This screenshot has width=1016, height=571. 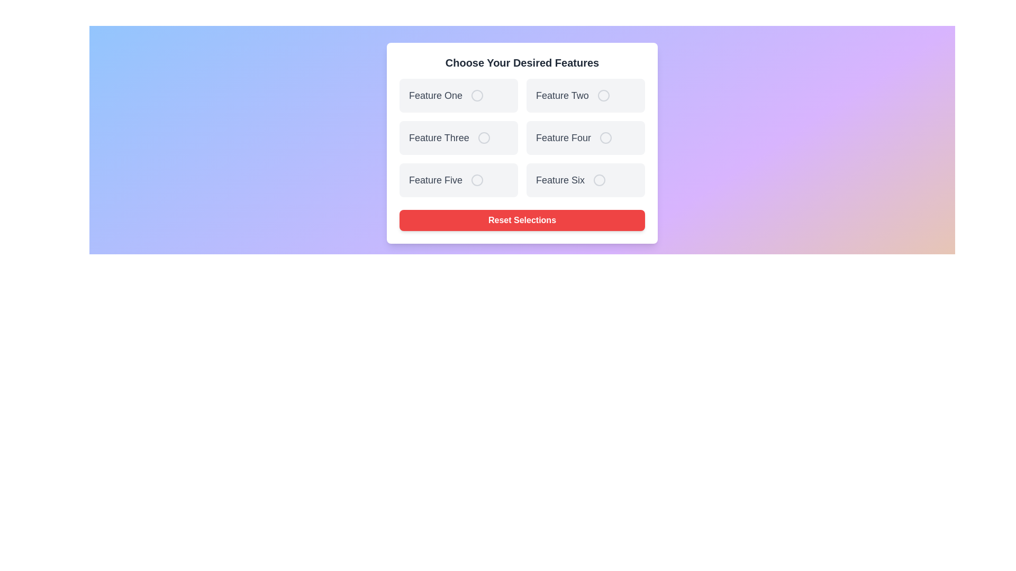 What do you see at coordinates (459, 137) in the screenshot?
I see `the feature card labeled Feature Three to observe visual feedback` at bounding box center [459, 137].